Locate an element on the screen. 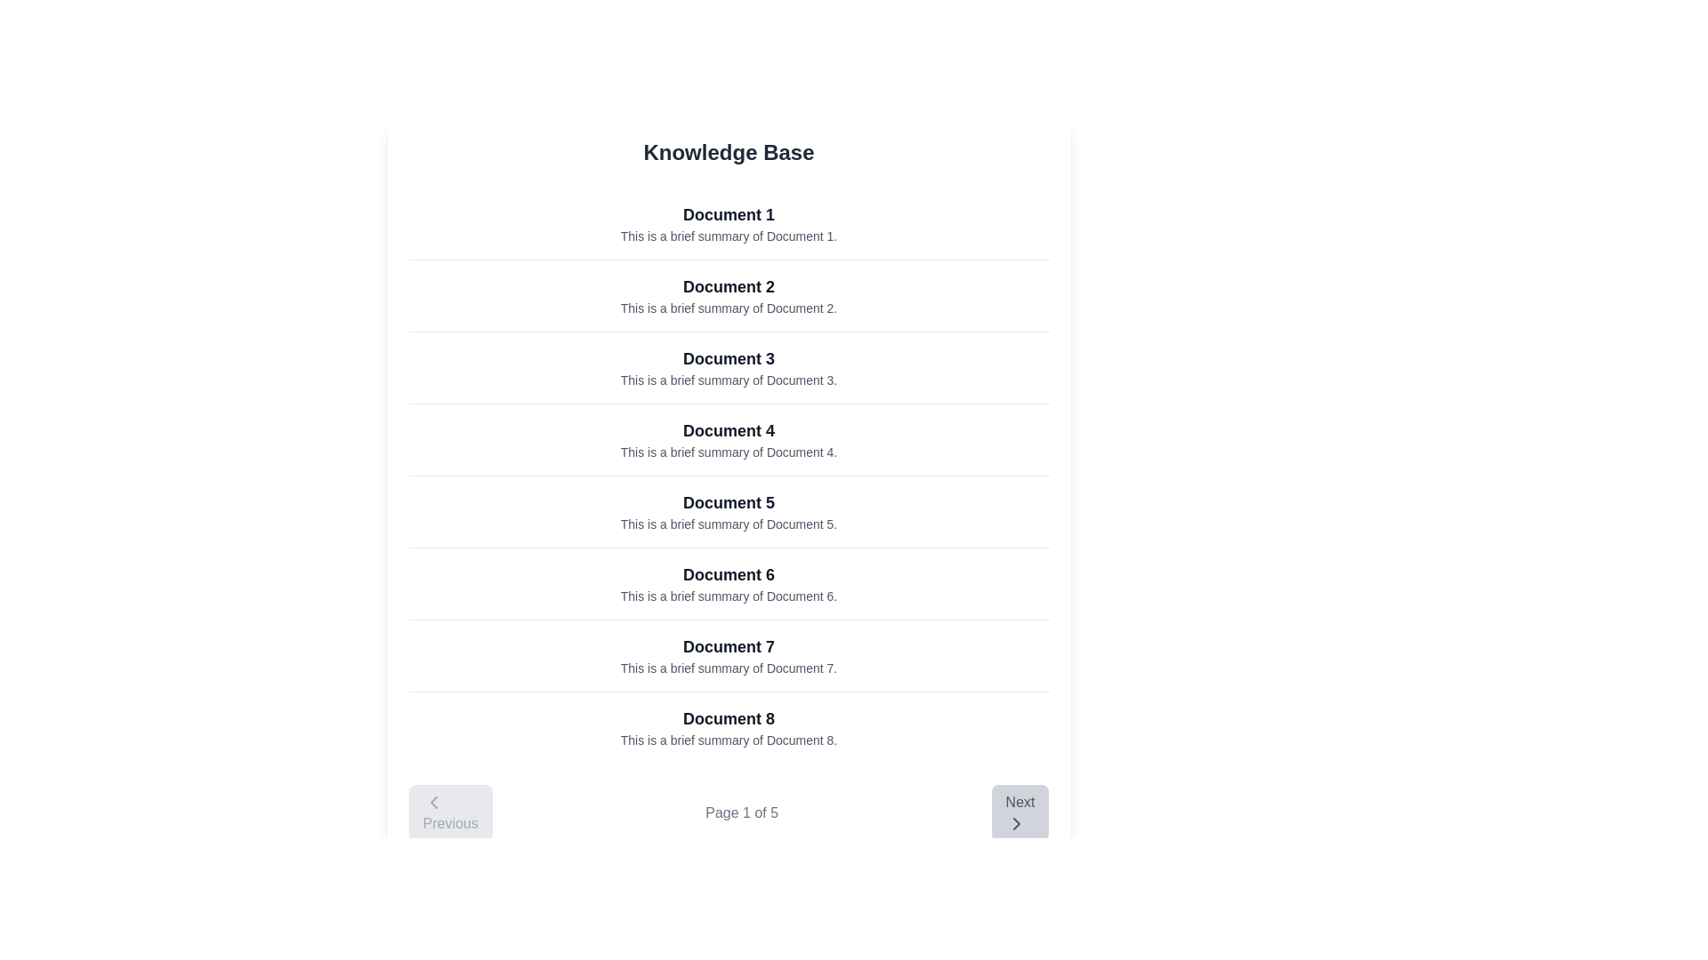 The height and width of the screenshot is (960, 1708). the Text element that provides a brief description for 'Document 6', which is centrally aligned and positioned below the title is located at coordinates (729, 596).